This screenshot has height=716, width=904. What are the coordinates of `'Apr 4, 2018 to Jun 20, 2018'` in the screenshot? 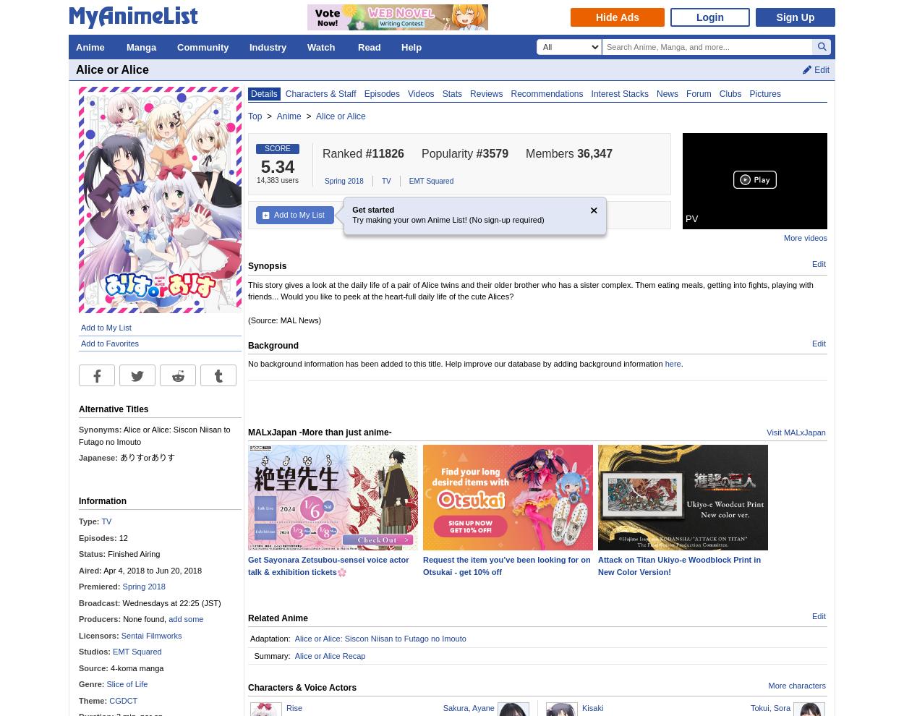 It's located at (150, 570).